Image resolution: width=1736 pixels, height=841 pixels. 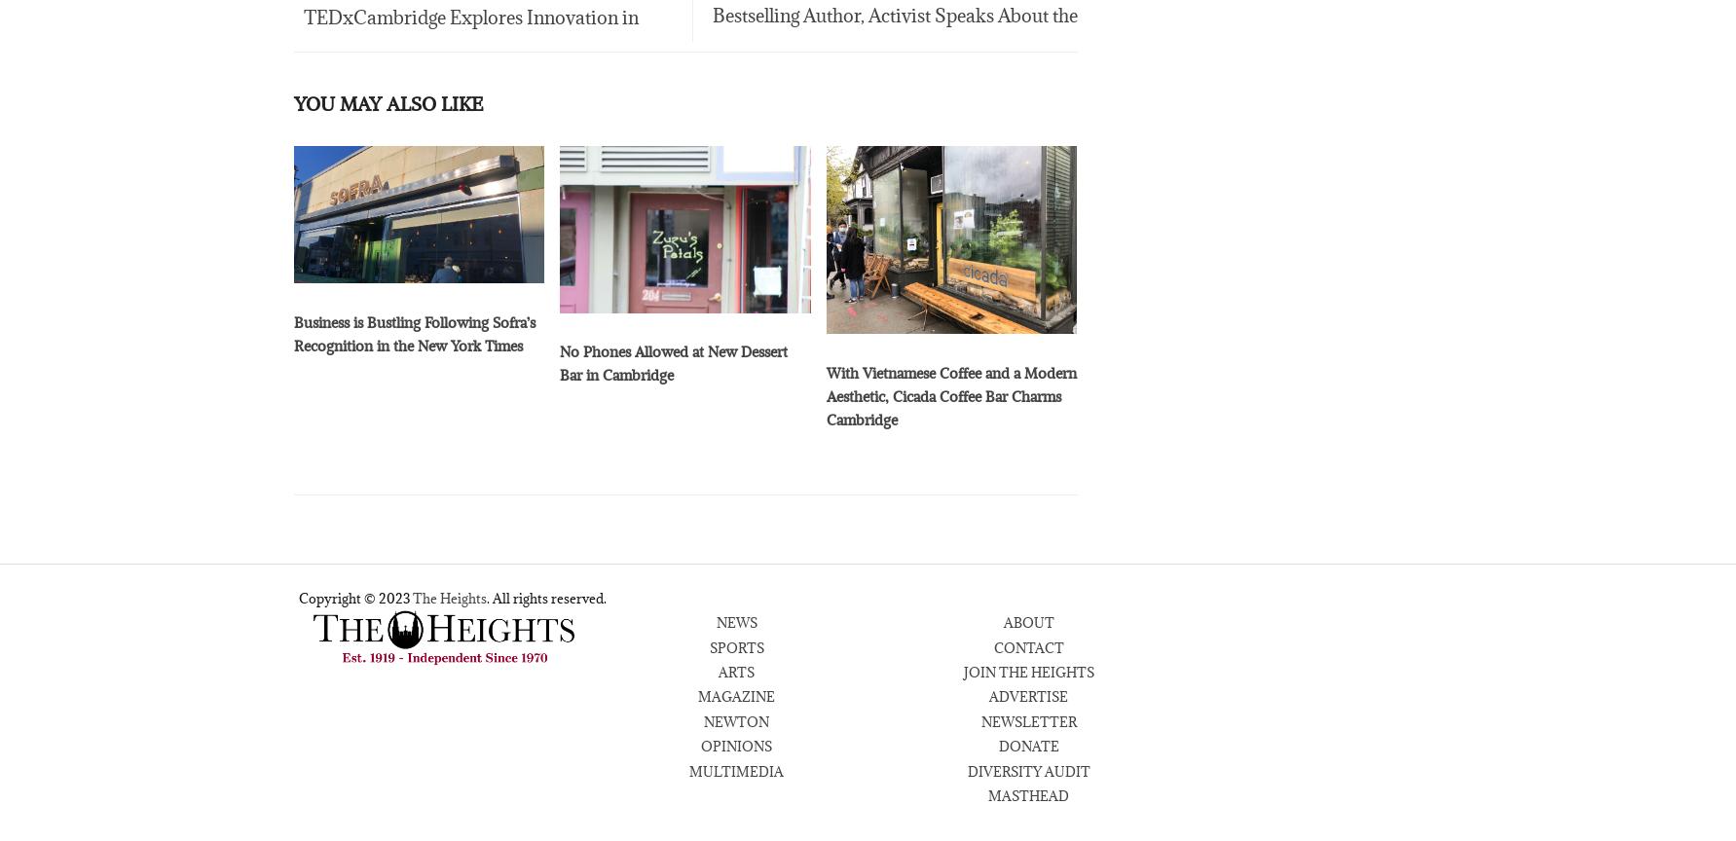 What do you see at coordinates (353, 601) in the screenshot?
I see `'Copyright © 2023'` at bounding box center [353, 601].